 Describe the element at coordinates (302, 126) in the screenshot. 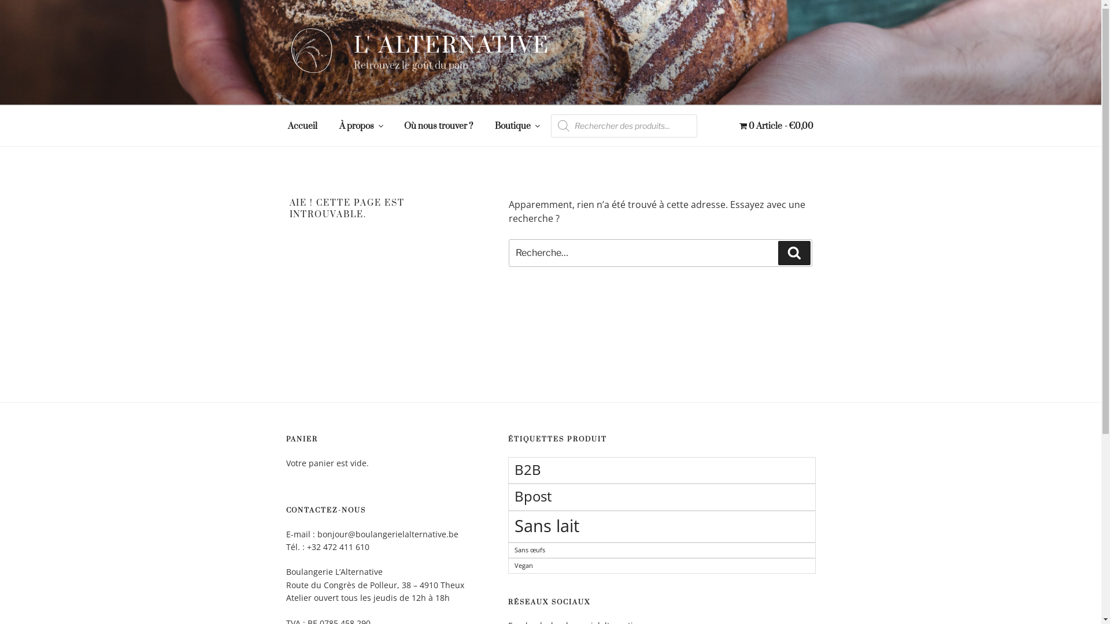

I see `'Accueil'` at that location.